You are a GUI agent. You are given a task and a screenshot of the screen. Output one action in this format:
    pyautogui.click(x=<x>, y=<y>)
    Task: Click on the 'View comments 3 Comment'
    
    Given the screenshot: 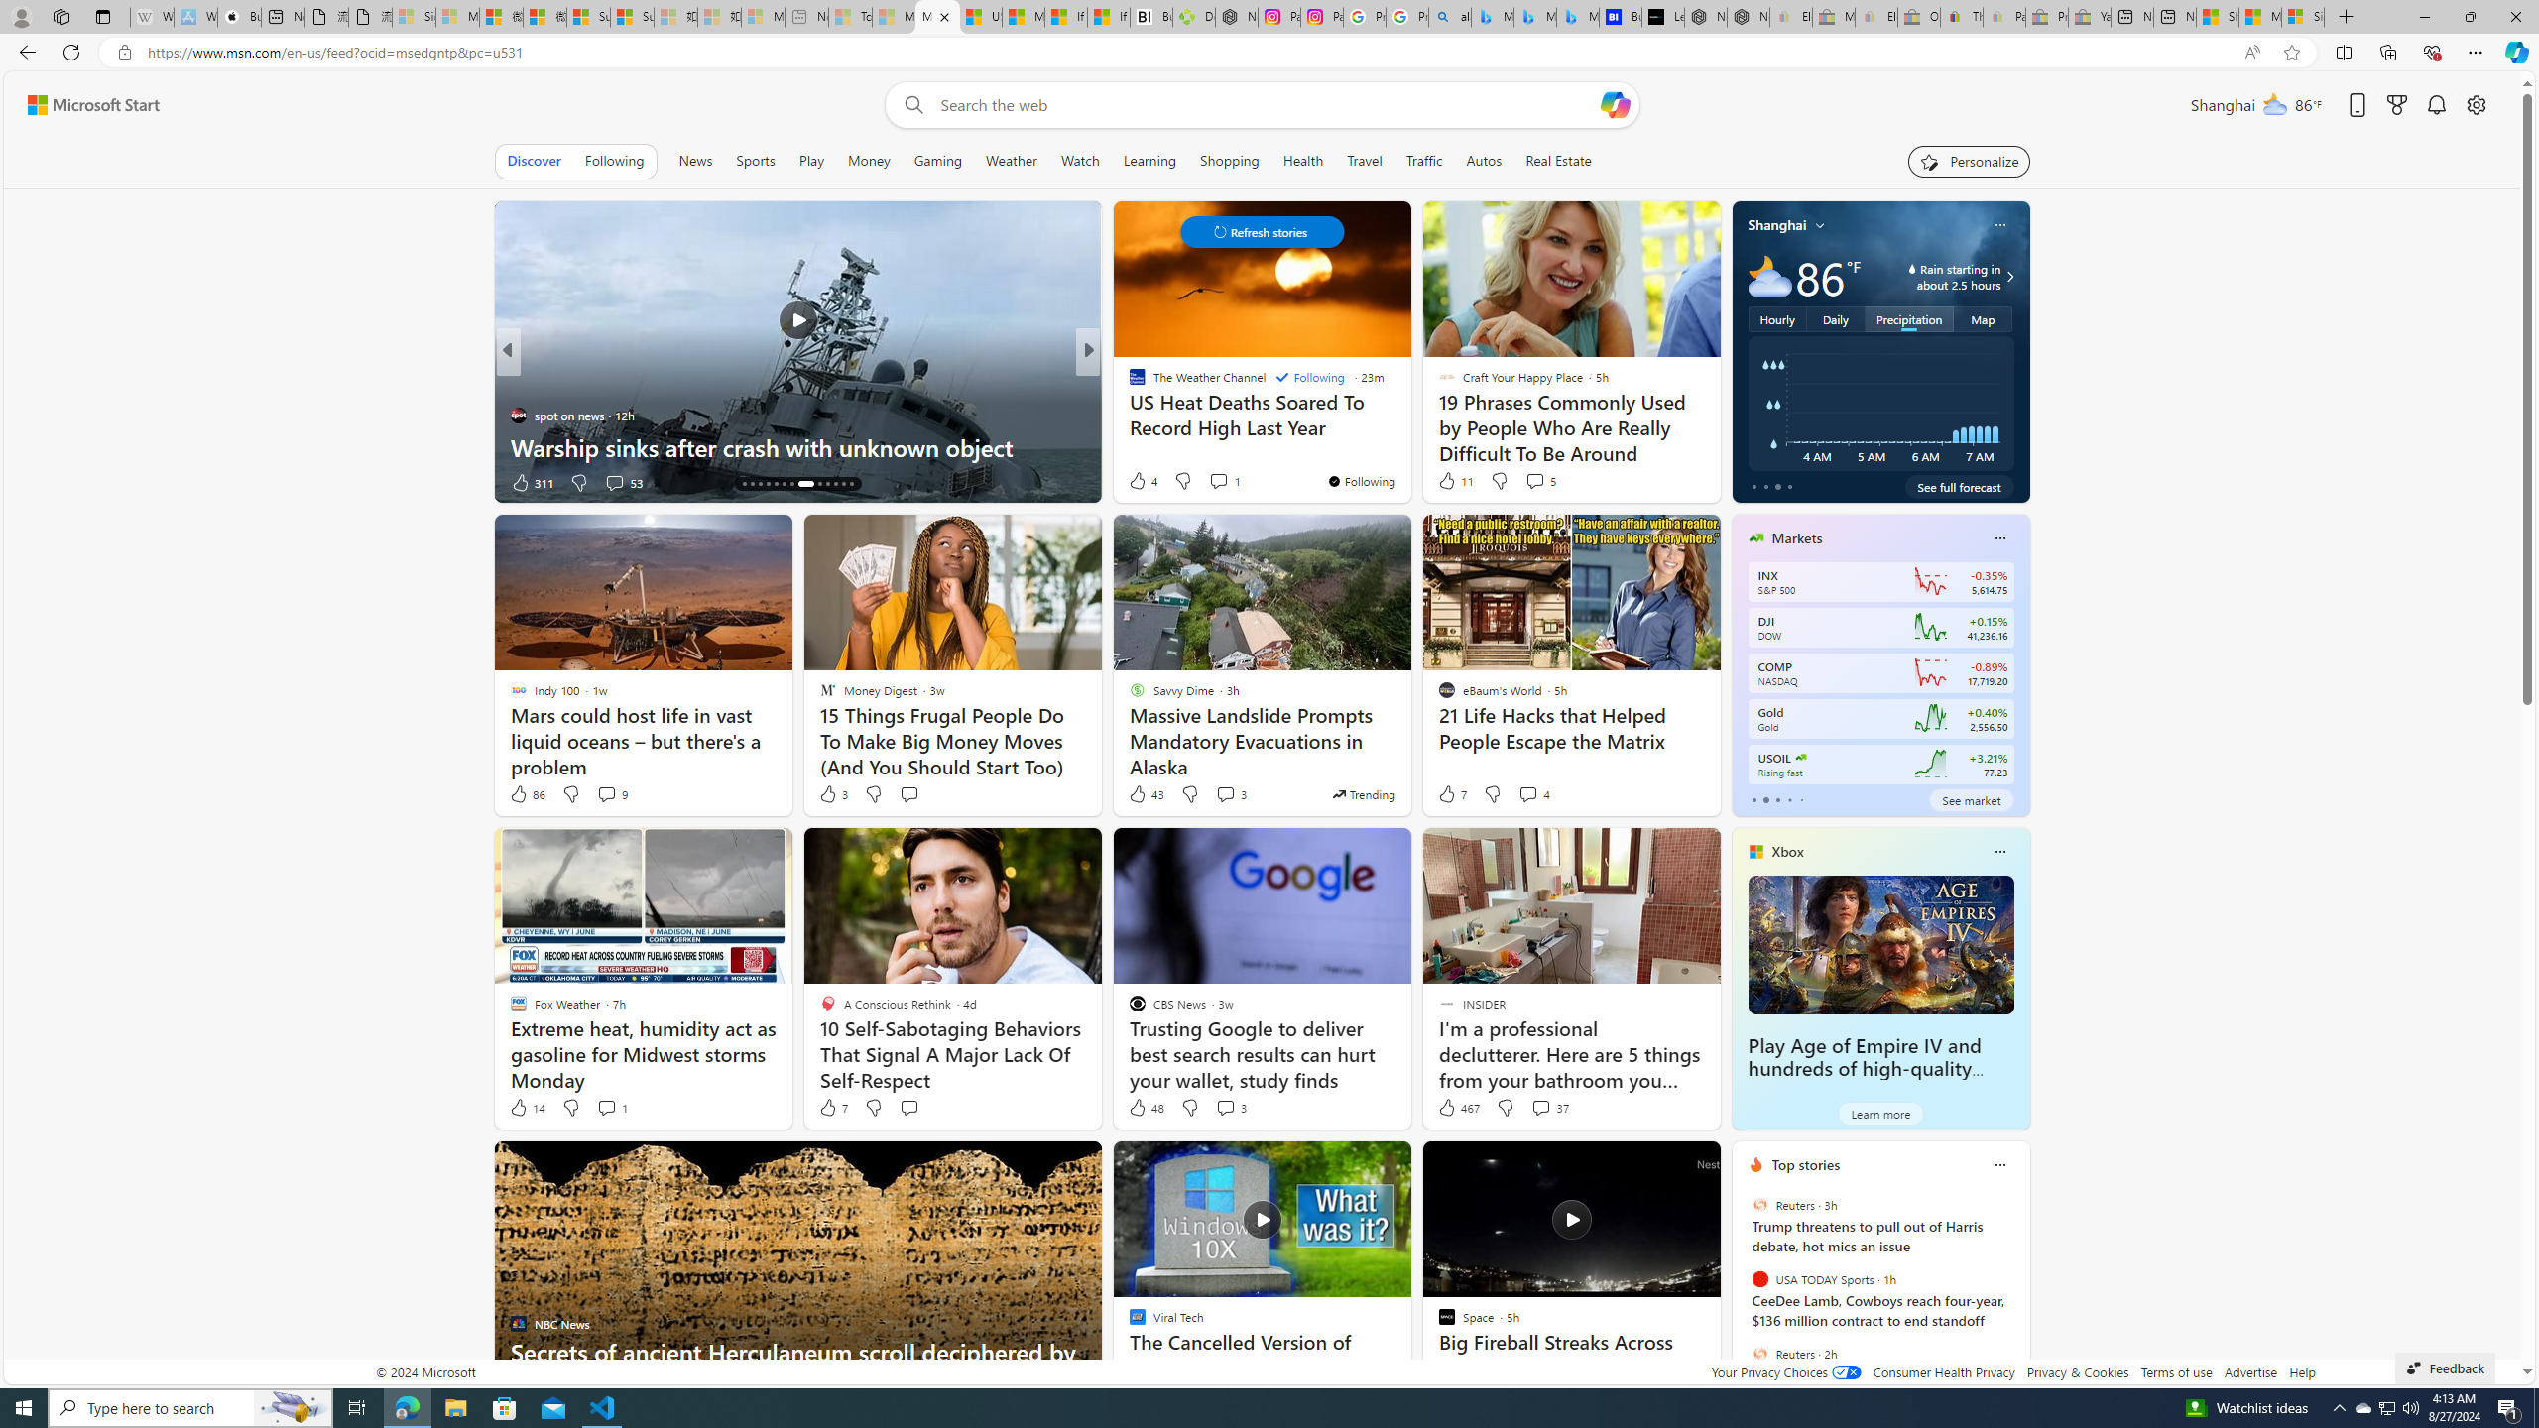 What is the action you would take?
    pyautogui.click(x=1229, y=1106)
    